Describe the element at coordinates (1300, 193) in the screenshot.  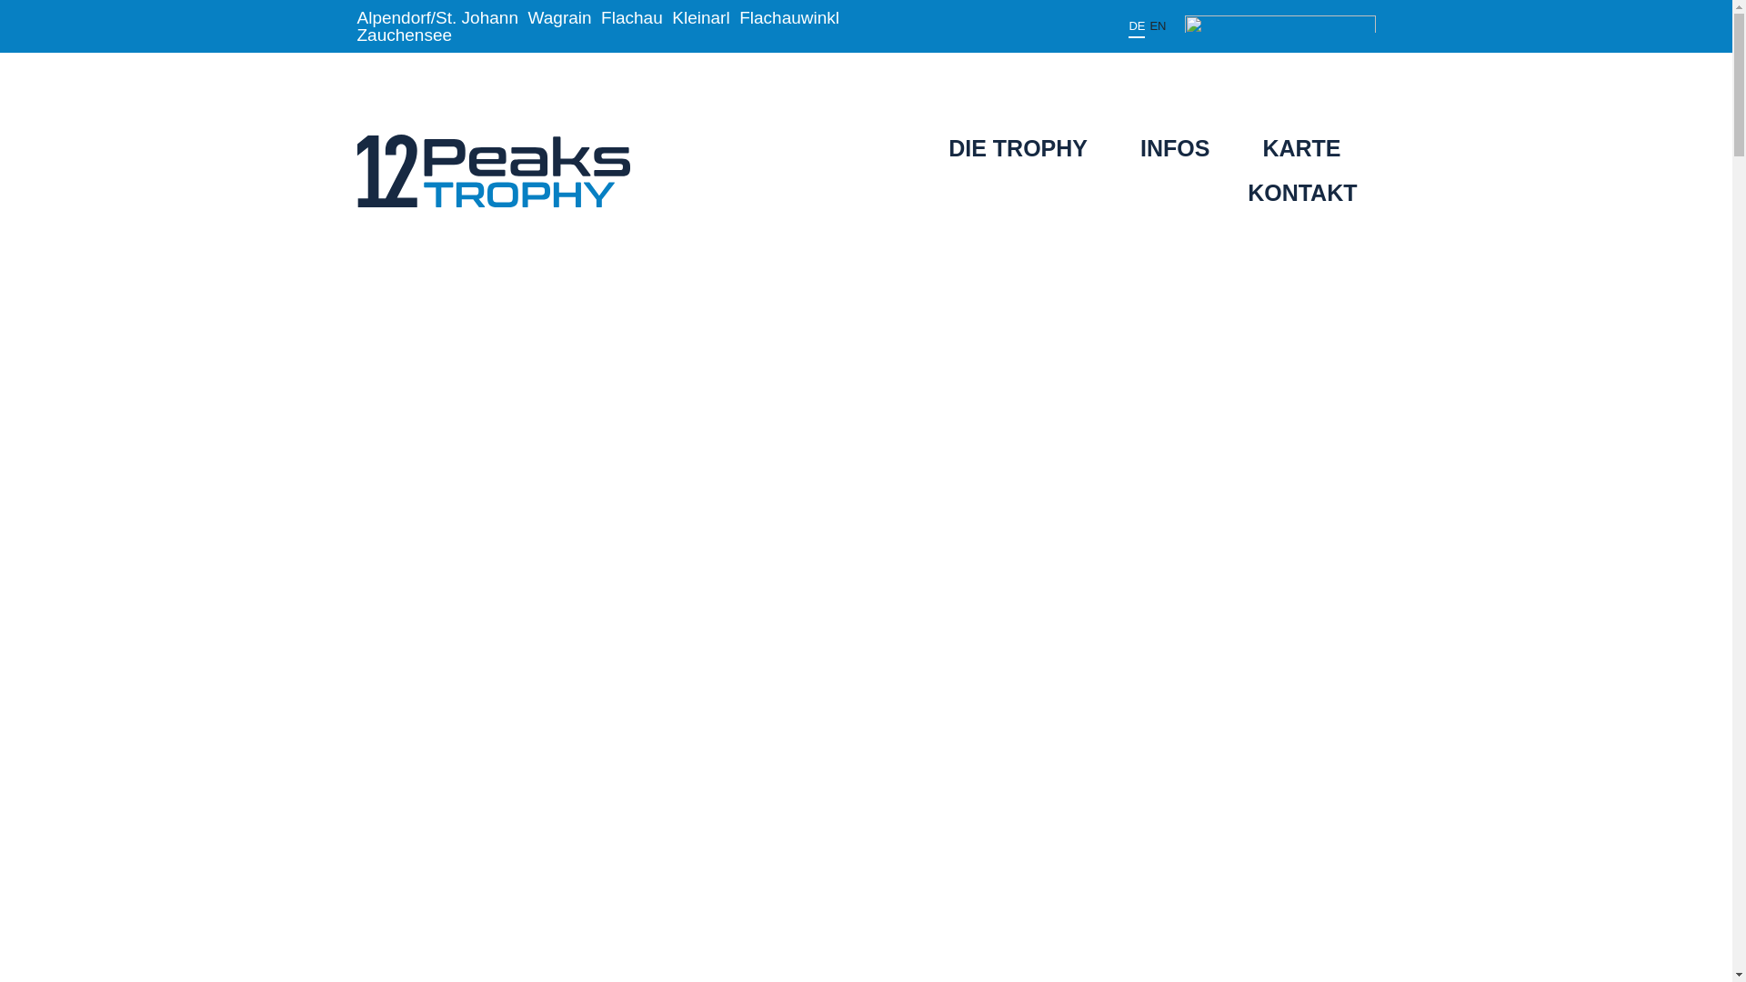
I see `'KONTAKT'` at that location.